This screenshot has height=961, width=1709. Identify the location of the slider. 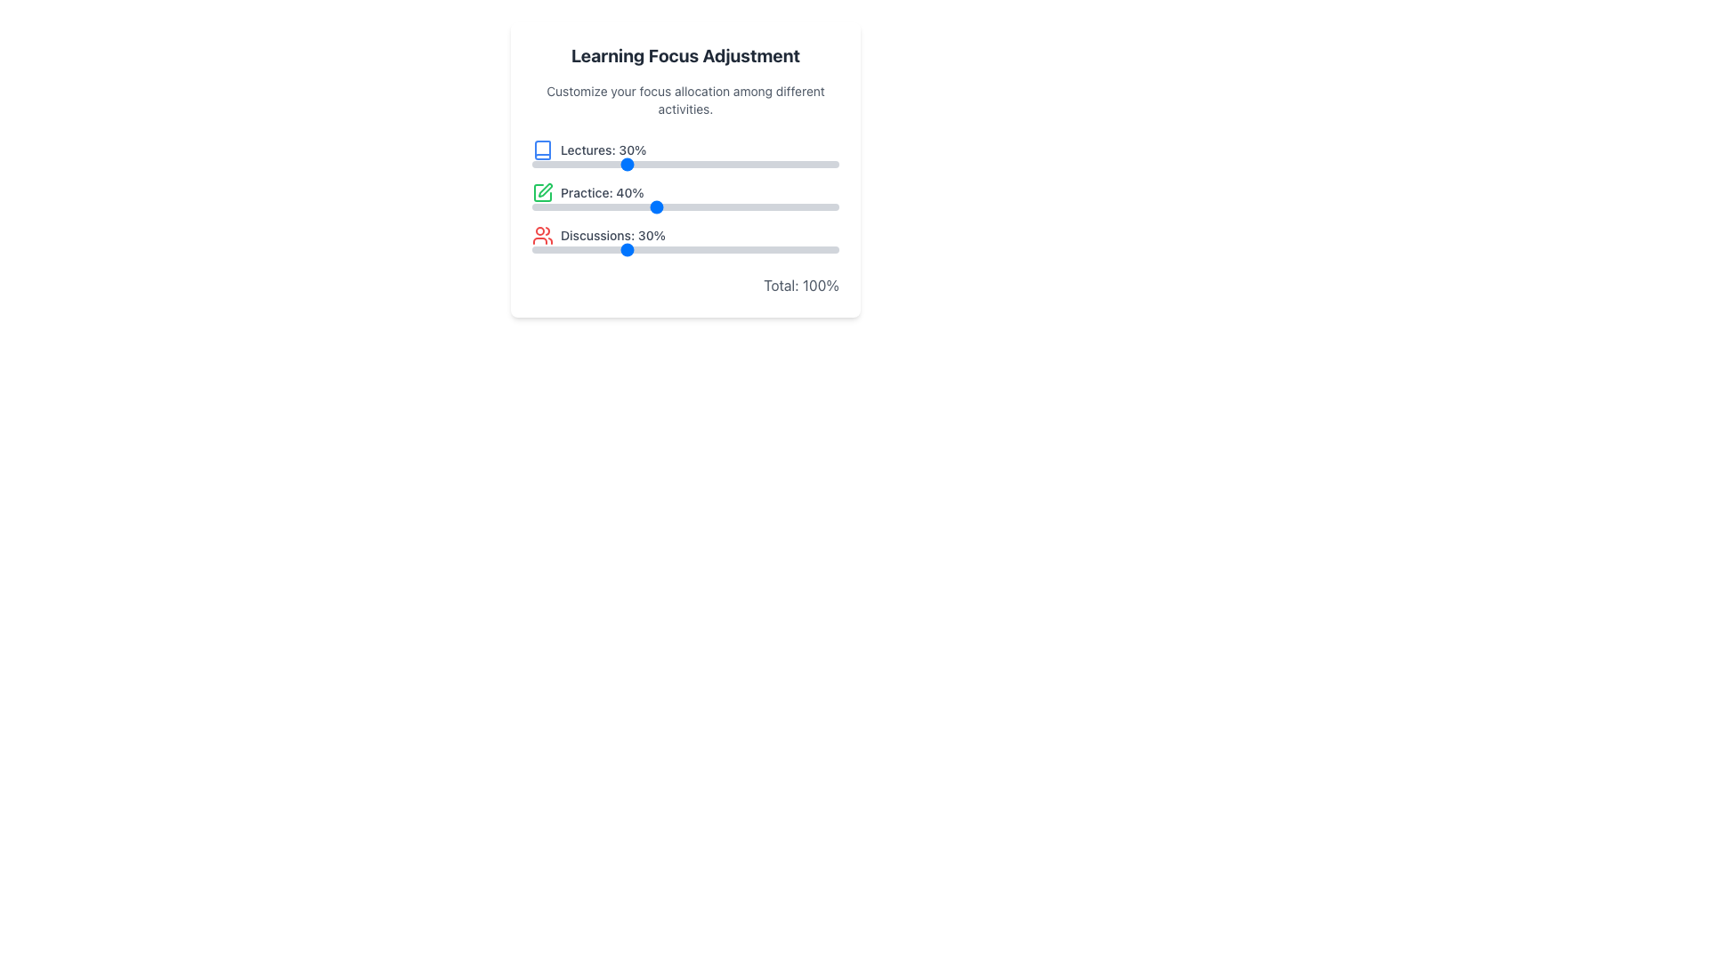
(575, 250).